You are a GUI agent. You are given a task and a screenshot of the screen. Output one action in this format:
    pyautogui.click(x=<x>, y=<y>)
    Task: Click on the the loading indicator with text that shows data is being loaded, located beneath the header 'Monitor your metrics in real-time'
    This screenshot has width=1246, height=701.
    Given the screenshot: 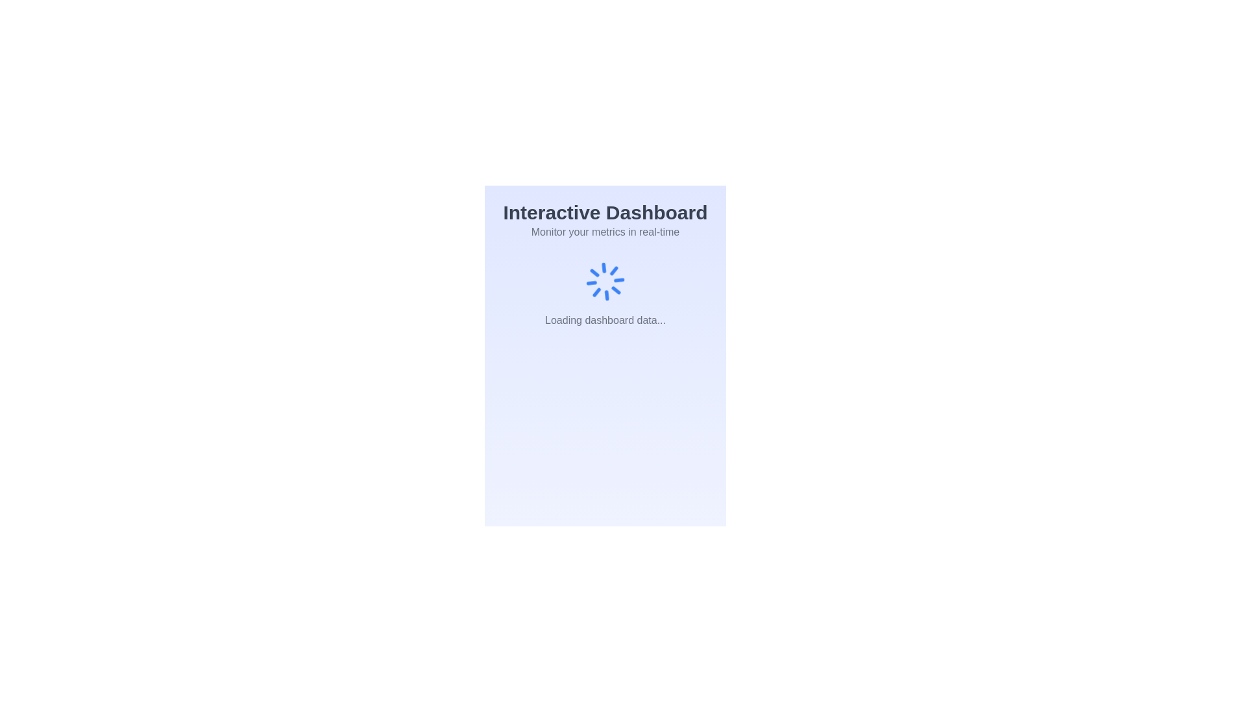 What is the action you would take?
    pyautogui.click(x=604, y=295)
    